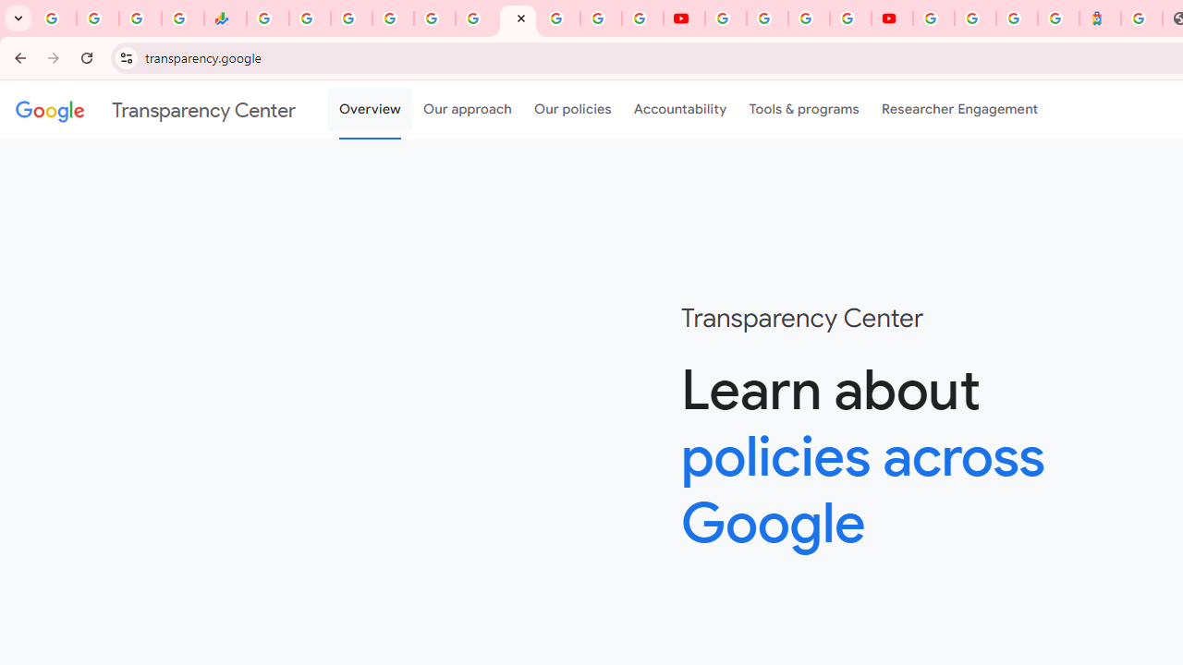 The width and height of the screenshot is (1183, 665). Describe the element at coordinates (572, 110) in the screenshot. I see `'Our policies'` at that location.